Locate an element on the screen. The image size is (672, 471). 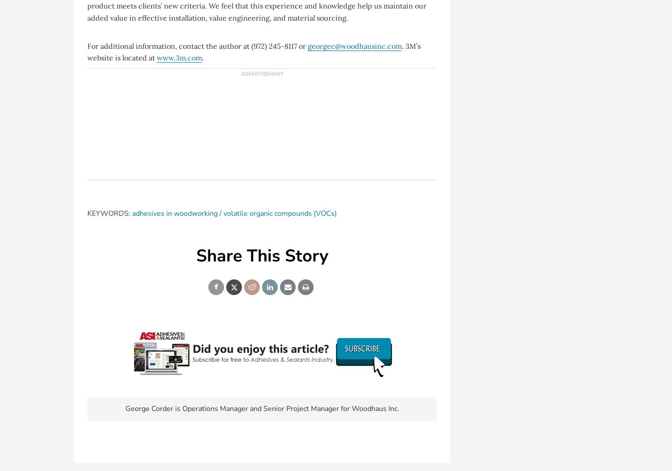
'volatile organic compounds (VOCs)' is located at coordinates (280, 213).